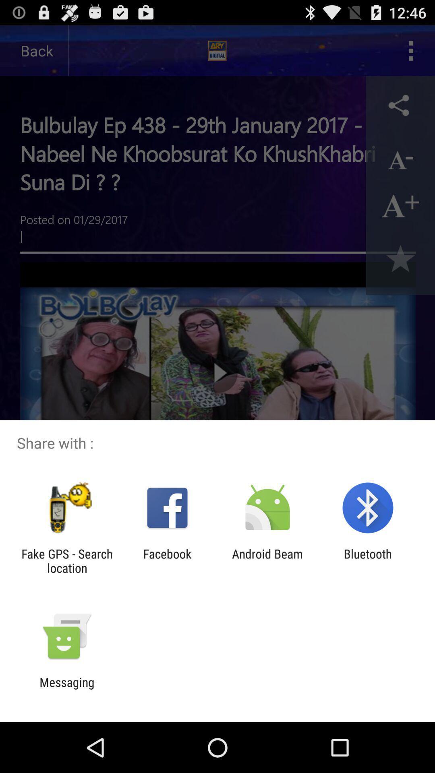  I want to click on icon next to the fake gps search, so click(167, 560).